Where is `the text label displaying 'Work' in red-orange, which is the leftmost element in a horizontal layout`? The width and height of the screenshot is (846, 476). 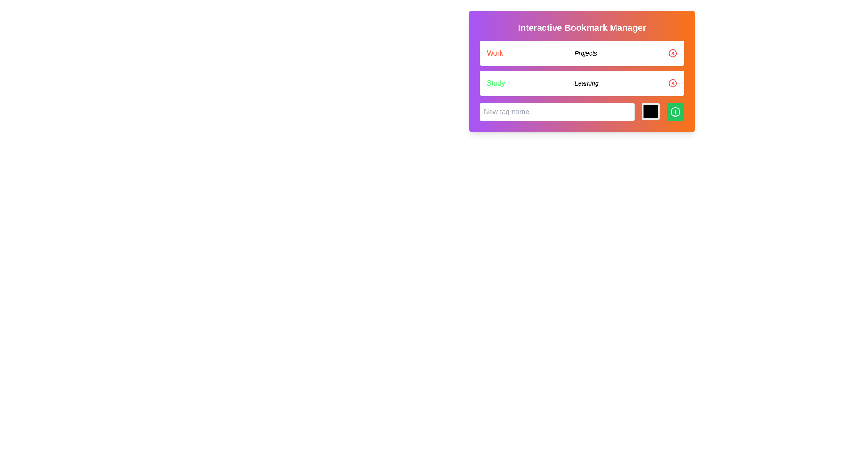
the text label displaying 'Work' in red-orange, which is the leftmost element in a horizontal layout is located at coordinates (495, 53).